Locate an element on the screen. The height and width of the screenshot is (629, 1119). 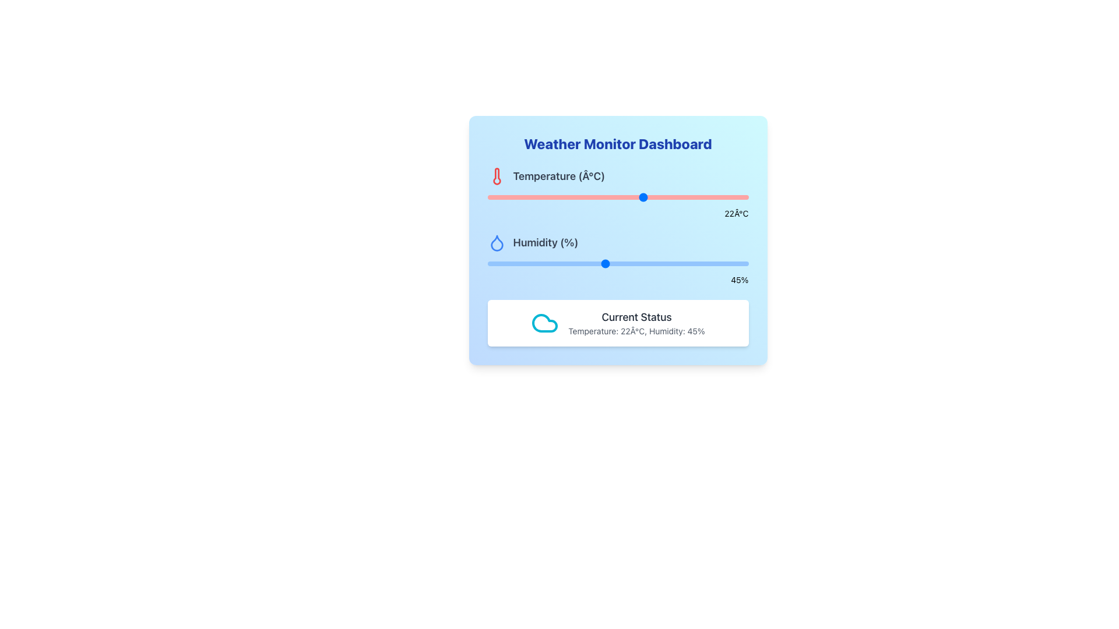
the temperature slider is located at coordinates (610, 197).